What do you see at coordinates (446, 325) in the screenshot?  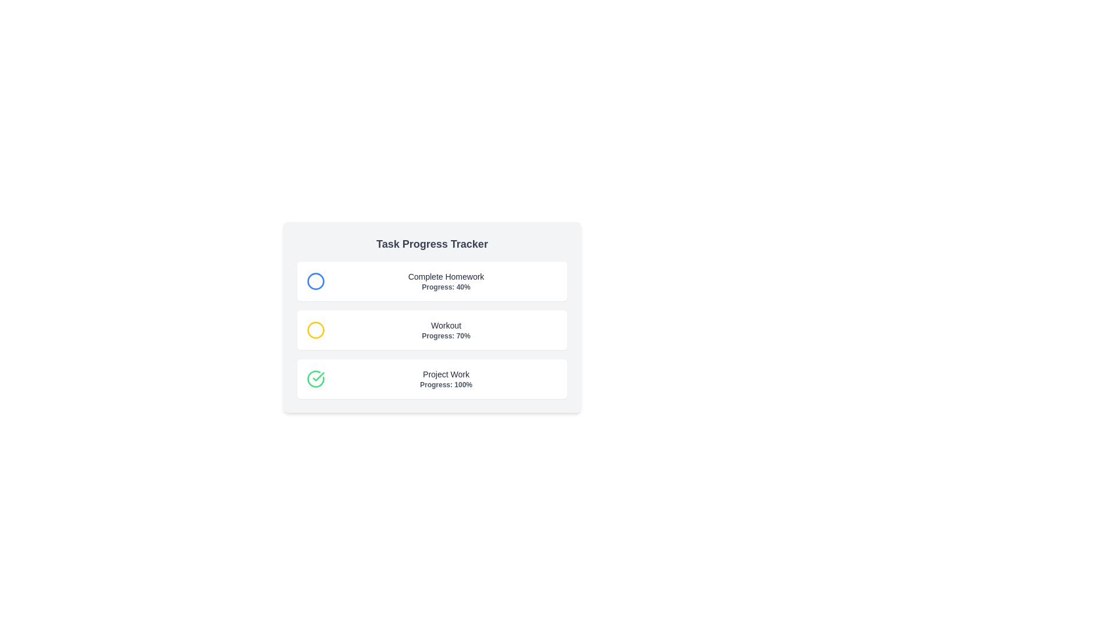 I see `the 'Workout' text label, which serves as the title in the task progress tracker, positioned between 'Complete Homework' and 'Project Work'` at bounding box center [446, 325].